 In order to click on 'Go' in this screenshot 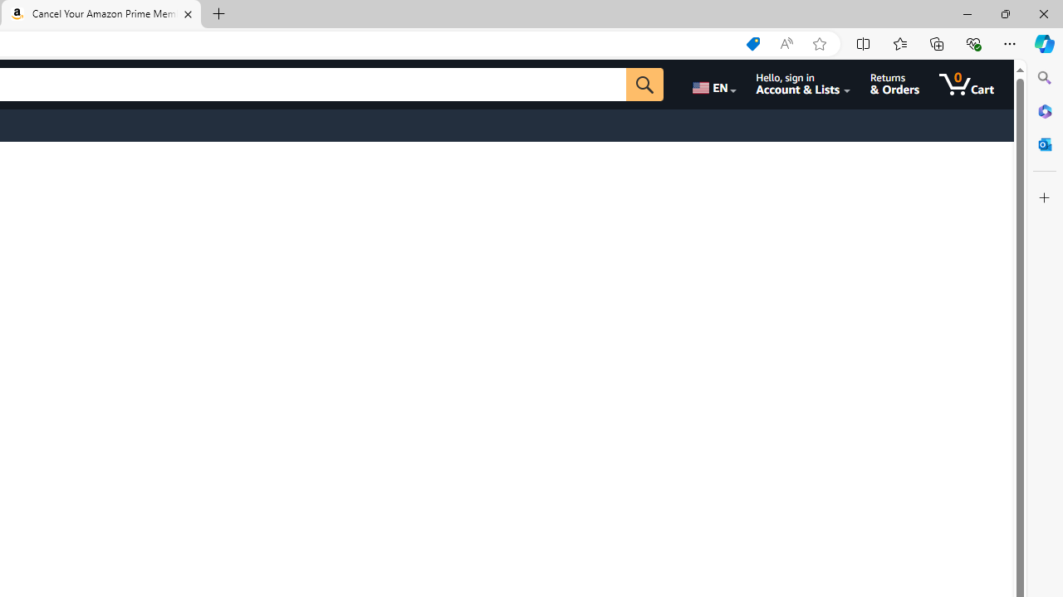, I will do `click(644, 84)`.